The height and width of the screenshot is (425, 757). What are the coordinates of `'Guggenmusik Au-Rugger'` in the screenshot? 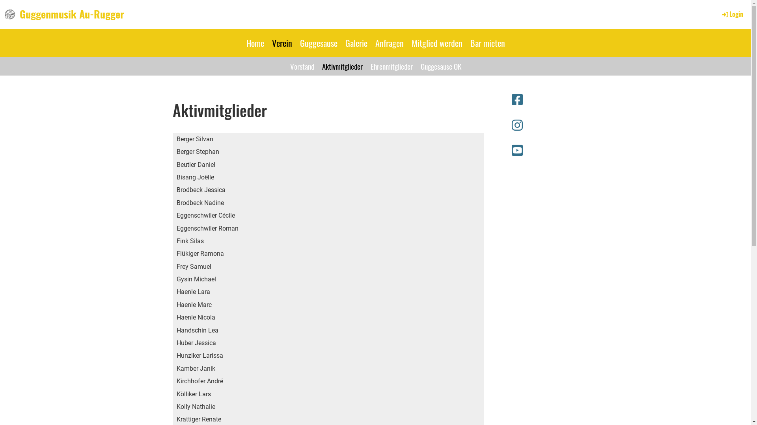 It's located at (72, 14).